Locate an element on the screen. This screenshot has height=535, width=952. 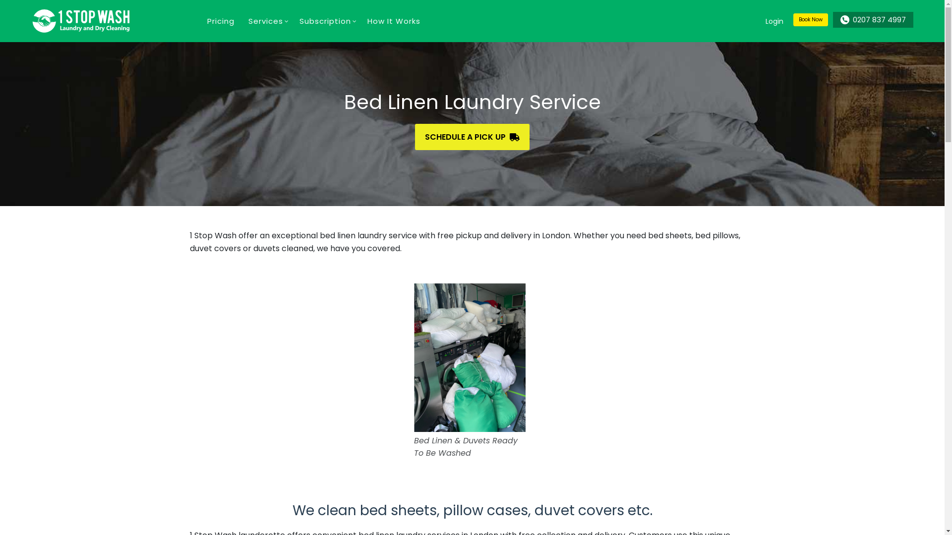
'Book Now' is located at coordinates (811, 19).